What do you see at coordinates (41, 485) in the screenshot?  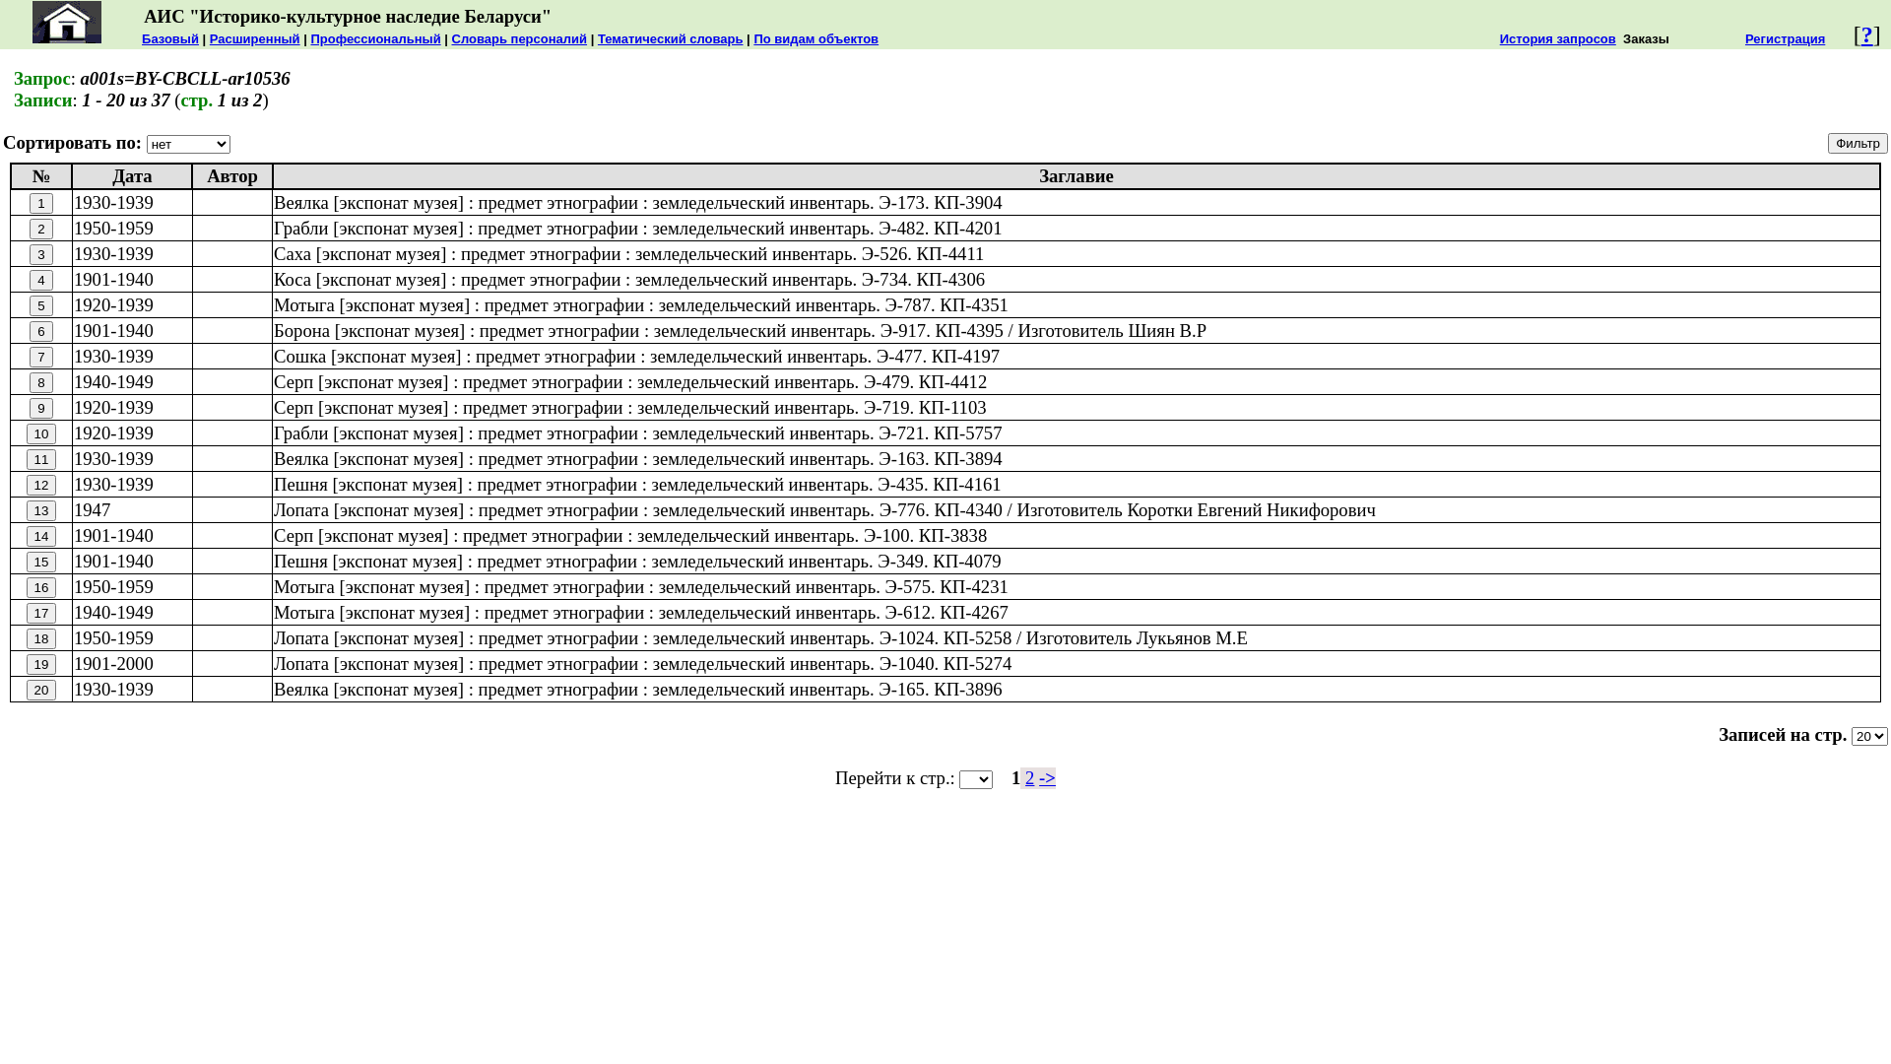 I see `'12'` at bounding box center [41, 485].